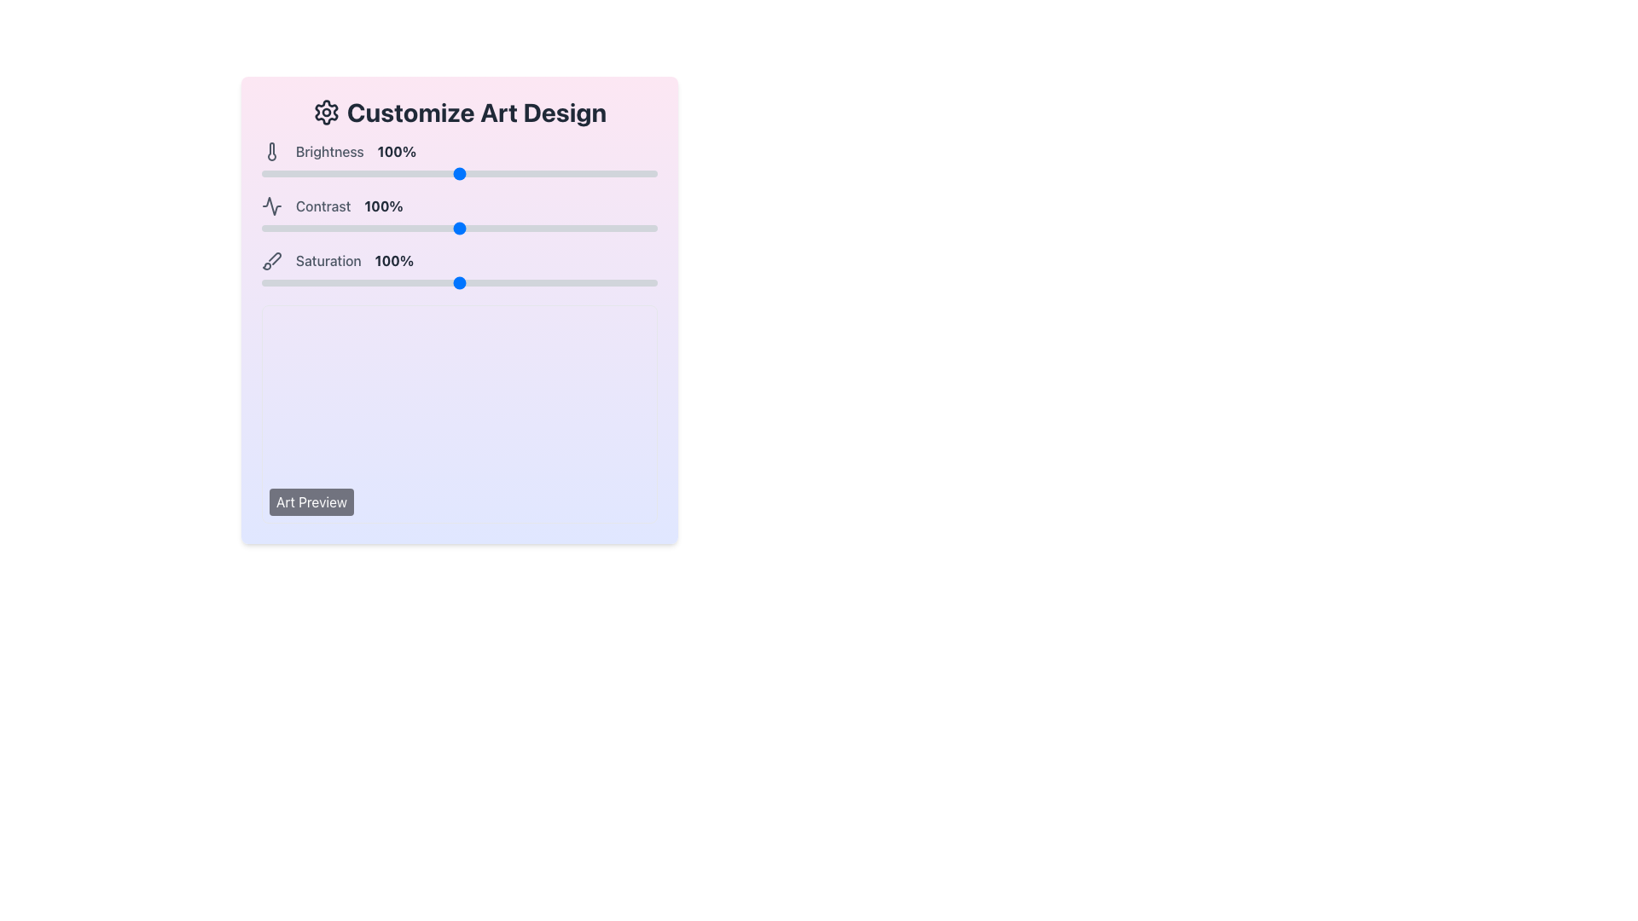 Image resolution: width=1638 pixels, height=921 pixels. I want to click on brightness, so click(565, 174).